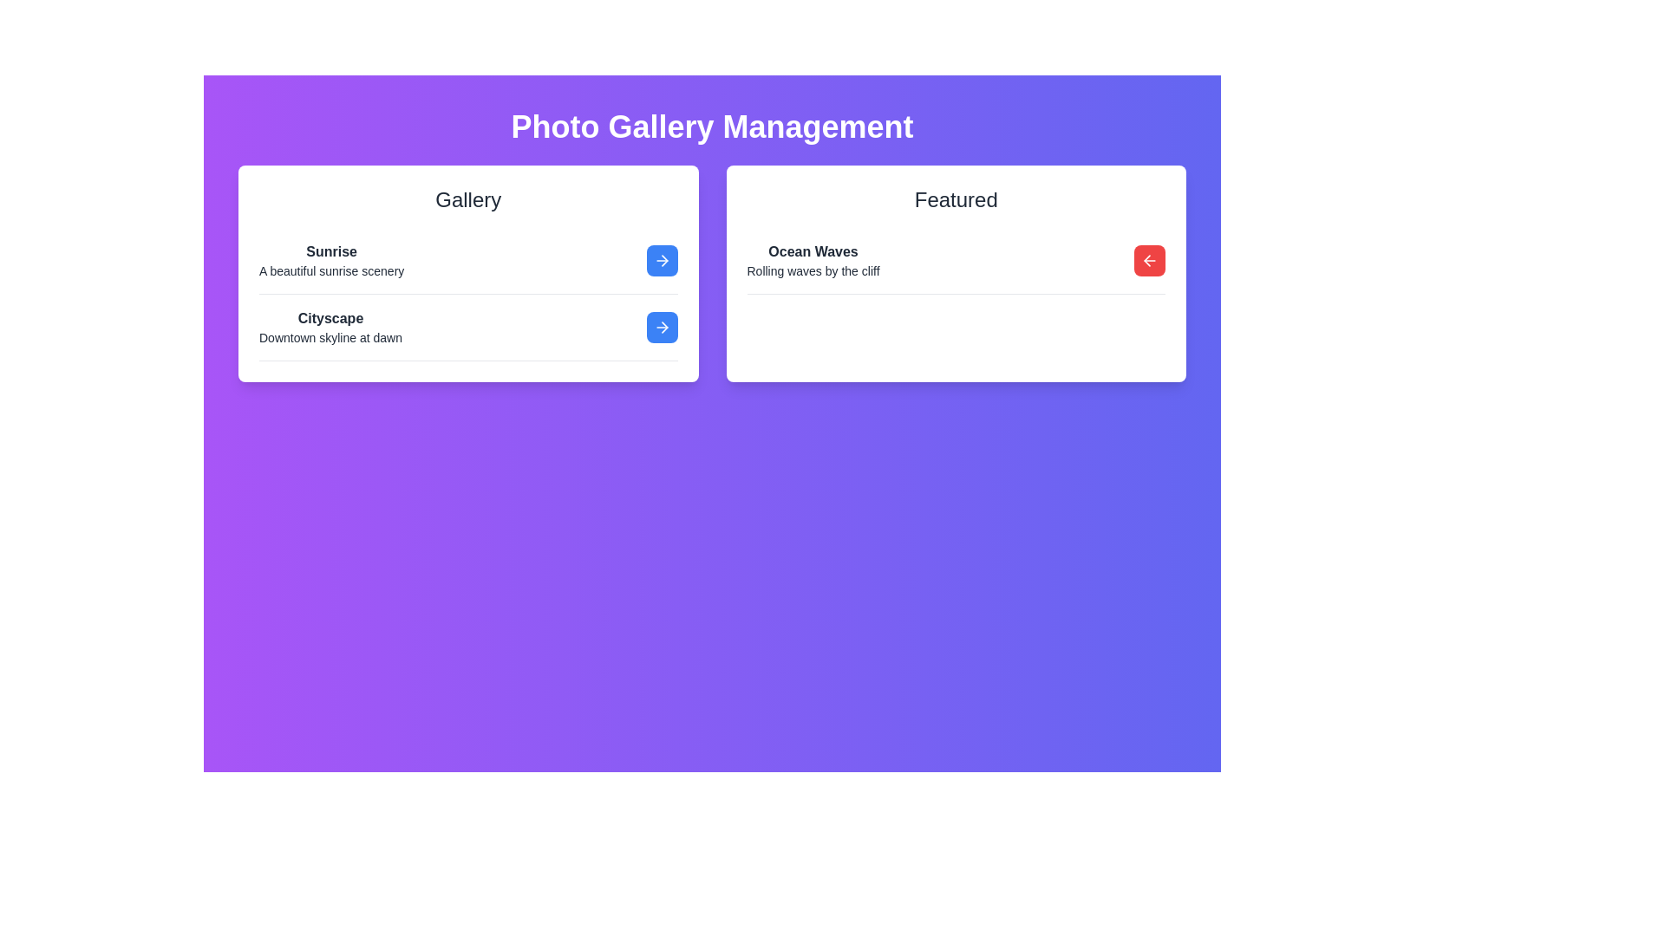  I want to click on the text label displaying the title 'Ocean Waves' in bold font, which is located in the 'Featured' section above the descriptive text 'Rolling waves by the cliff', so click(813, 251).